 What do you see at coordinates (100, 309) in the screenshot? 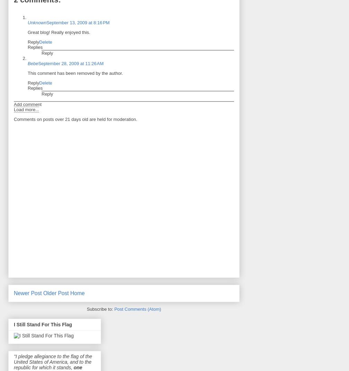
I see `'Subscribe to:'` at bounding box center [100, 309].